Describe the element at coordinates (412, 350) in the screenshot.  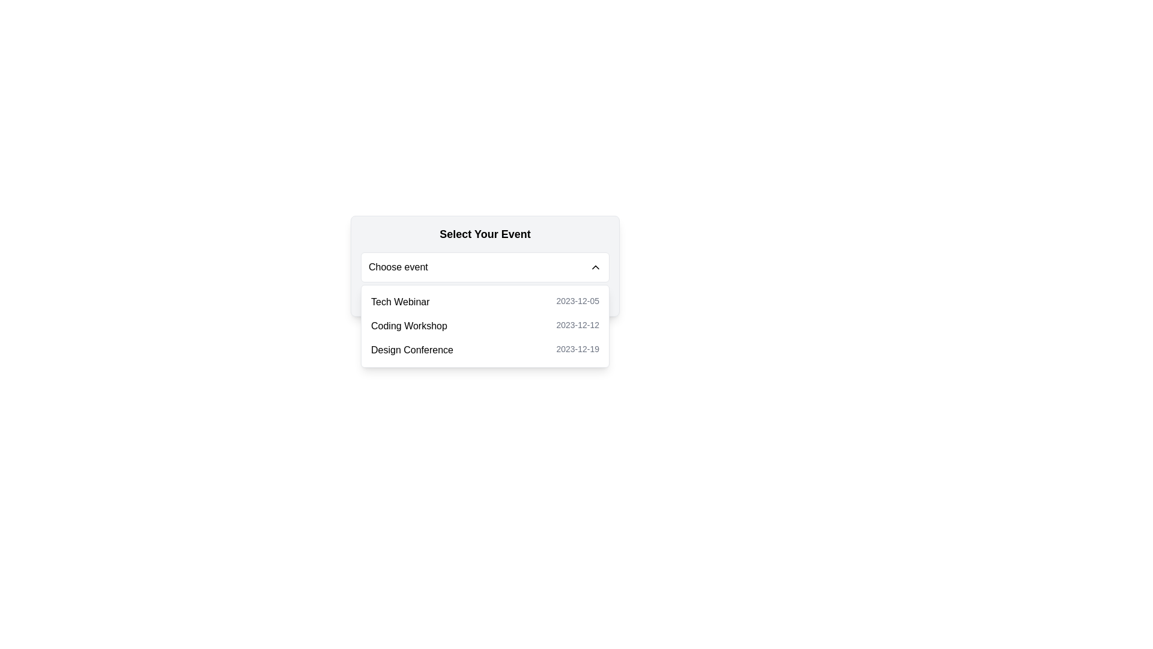
I see `static text label displaying 'Design Conference' located in the dropdown menu, positioned to the left of the date '2023-12-19'` at that location.